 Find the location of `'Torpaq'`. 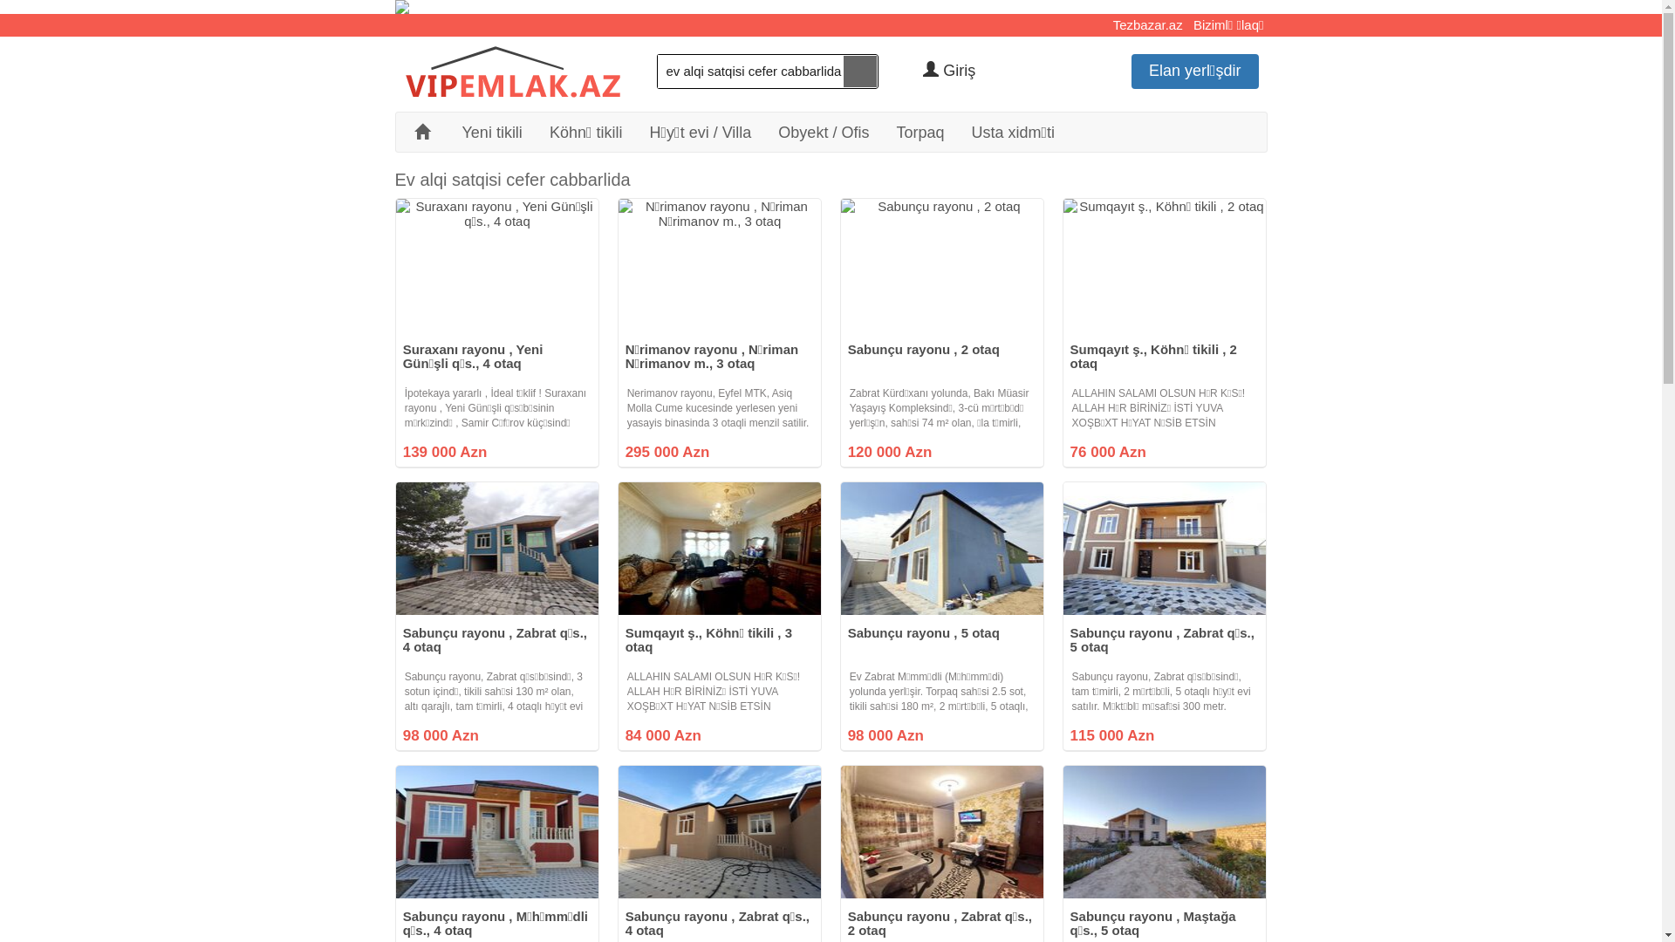

'Torpaq' is located at coordinates (920, 130).